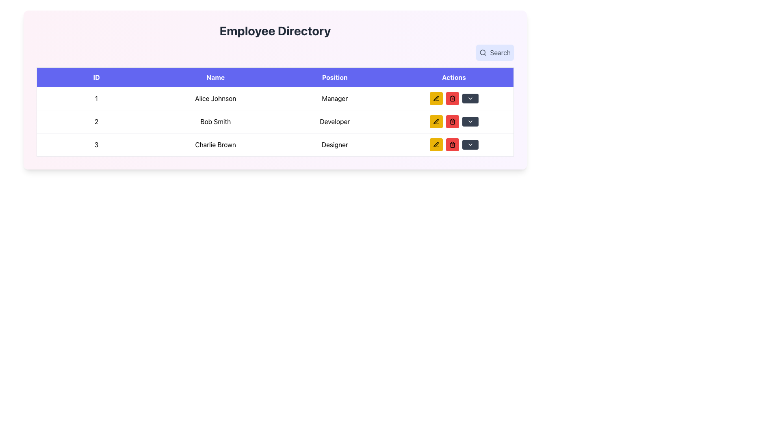  Describe the element at coordinates (452, 98) in the screenshot. I see `the square red button with rounded corners and a black trash can icon, located in the Actions column next to the Edit button for the employee 'Alice Johnson'` at that location.